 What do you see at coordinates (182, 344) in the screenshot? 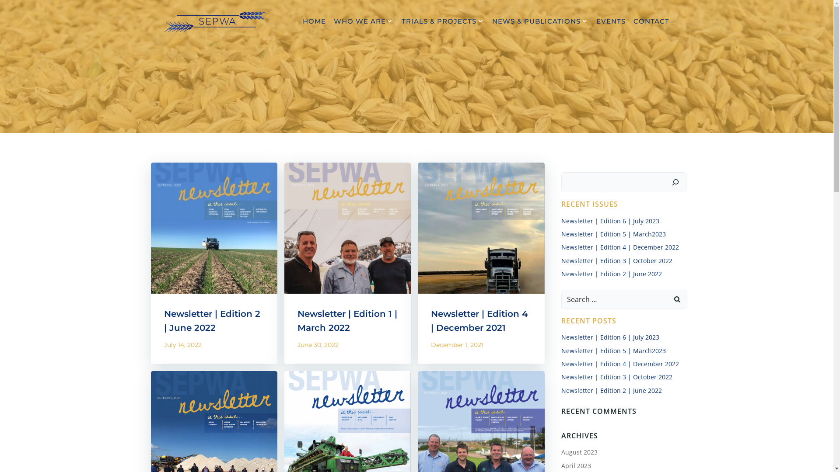
I see `'July 14, 2022'` at bounding box center [182, 344].